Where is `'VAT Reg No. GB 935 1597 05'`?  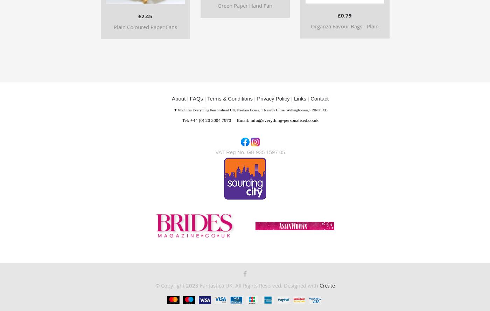 'VAT Reg No. GB 935 1597 05' is located at coordinates (250, 152).